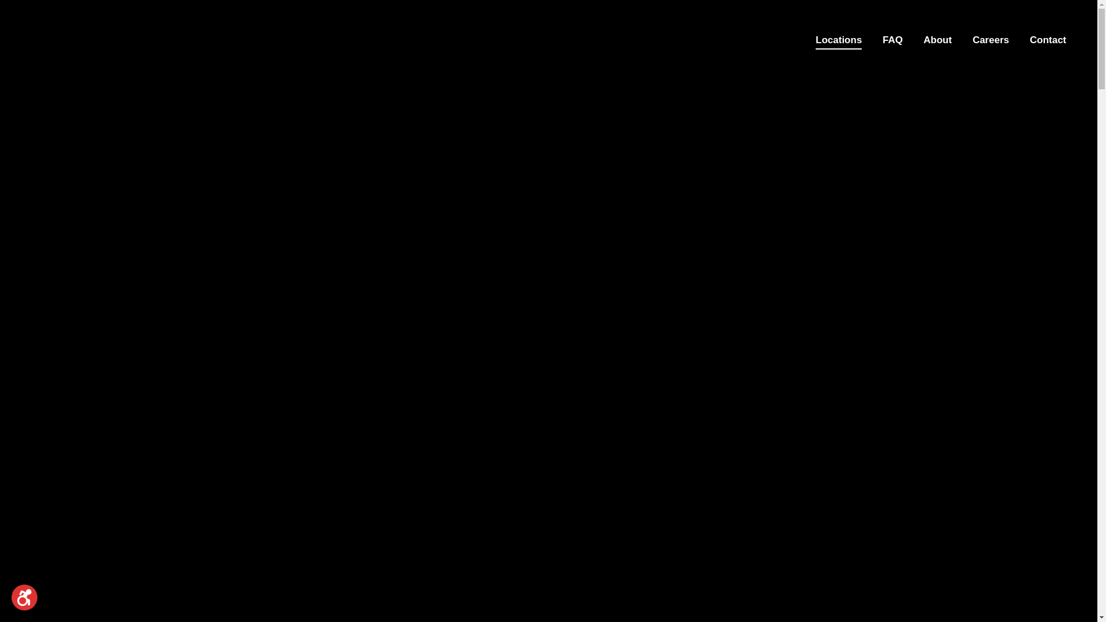 Image resolution: width=1106 pixels, height=622 pixels. I want to click on 'Contact', so click(1048, 39).